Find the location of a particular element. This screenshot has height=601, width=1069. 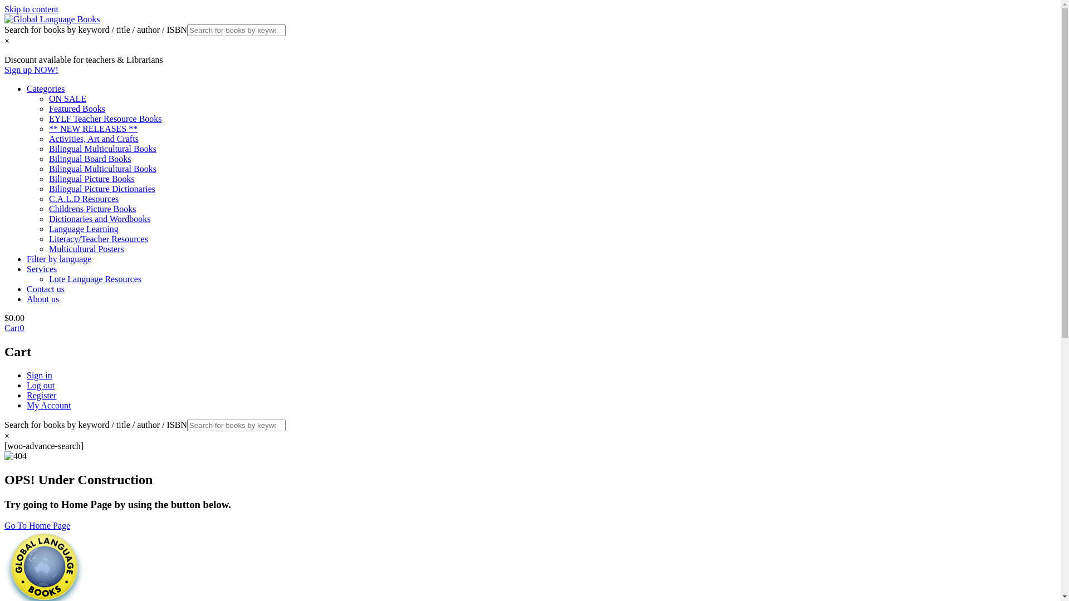

'Bilingual Multicultural Books' is located at coordinates (102, 148).